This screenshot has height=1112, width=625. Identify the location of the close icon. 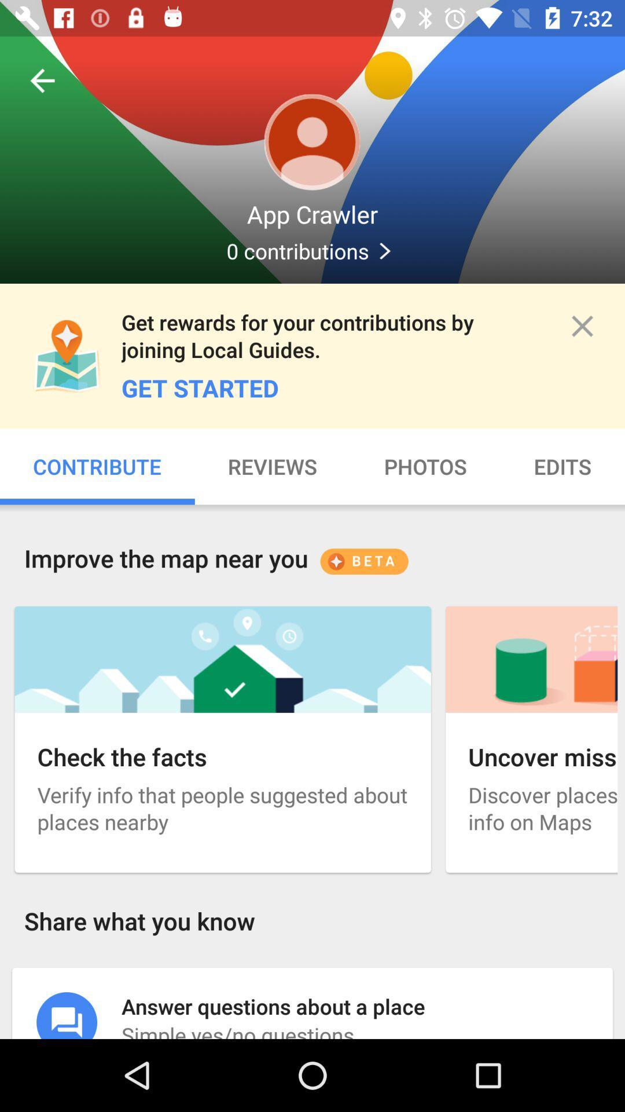
(582, 325).